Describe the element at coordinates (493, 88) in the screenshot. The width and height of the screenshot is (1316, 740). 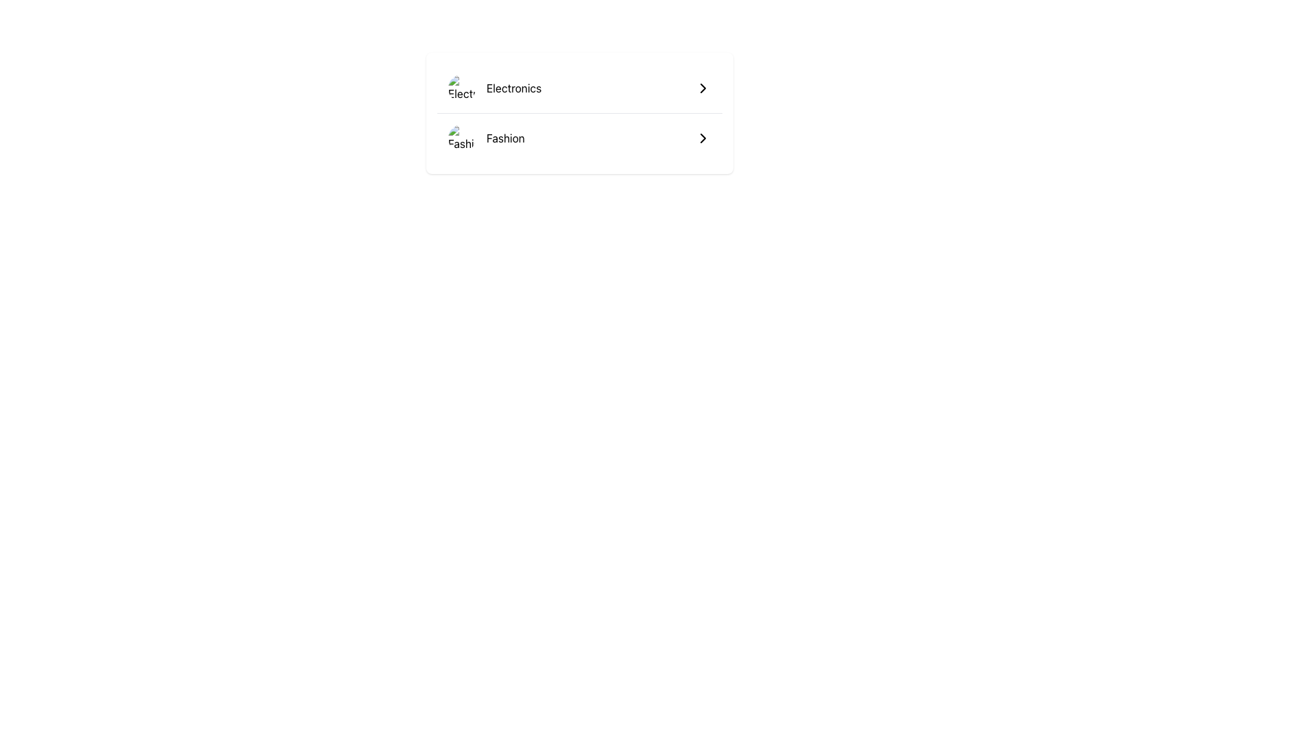
I see `the first list item labeled 'Electronics' which consists of a circular icon and text` at that location.